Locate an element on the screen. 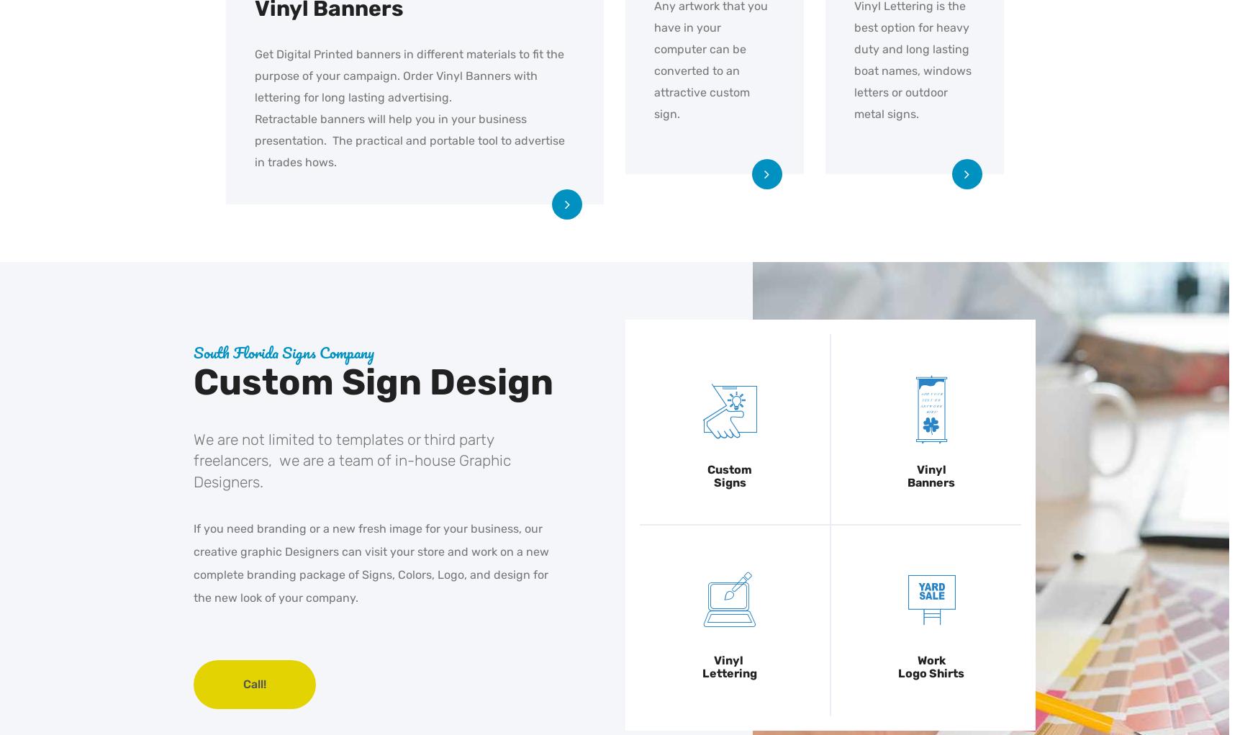  'Retractable banners will help you in your business presentation.  The practical and portable tool to advertise in trades hows.' is located at coordinates (409, 140).